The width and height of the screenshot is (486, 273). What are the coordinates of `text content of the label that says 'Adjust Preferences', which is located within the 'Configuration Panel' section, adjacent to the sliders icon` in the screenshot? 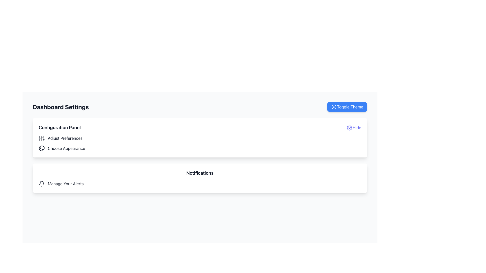 It's located at (65, 138).